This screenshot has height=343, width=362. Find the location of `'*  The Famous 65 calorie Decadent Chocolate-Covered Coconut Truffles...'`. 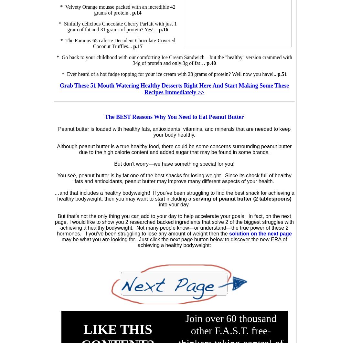

'*  The Famous 65 calorie Decadent Chocolate-Covered Coconut Truffles...' is located at coordinates (118, 43).